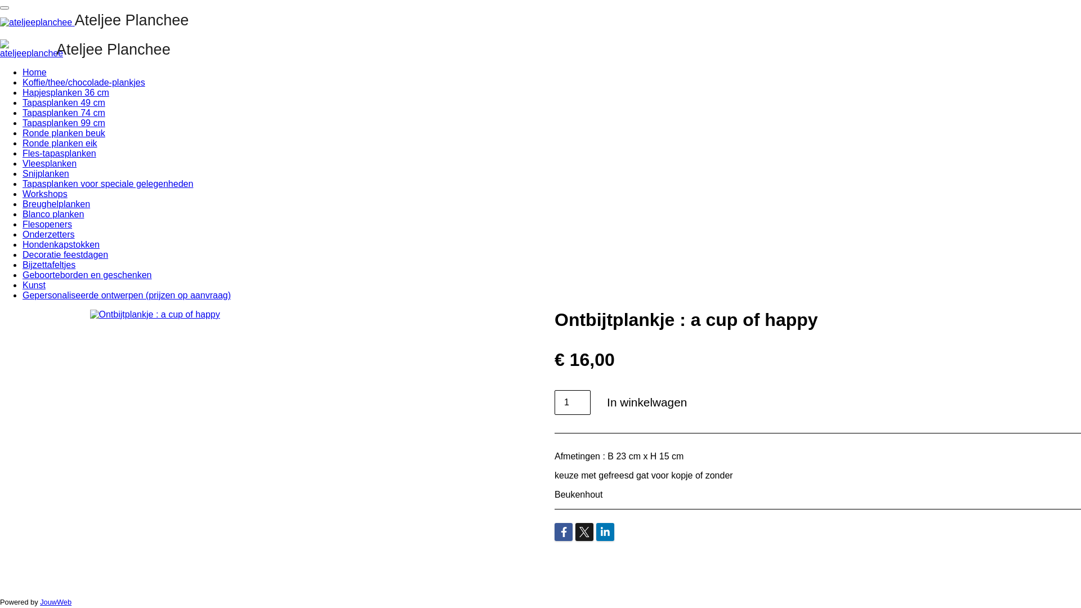  What do you see at coordinates (55, 601) in the screenshot?
I see `'JouwWeb'` at bounding box center [55, 601].